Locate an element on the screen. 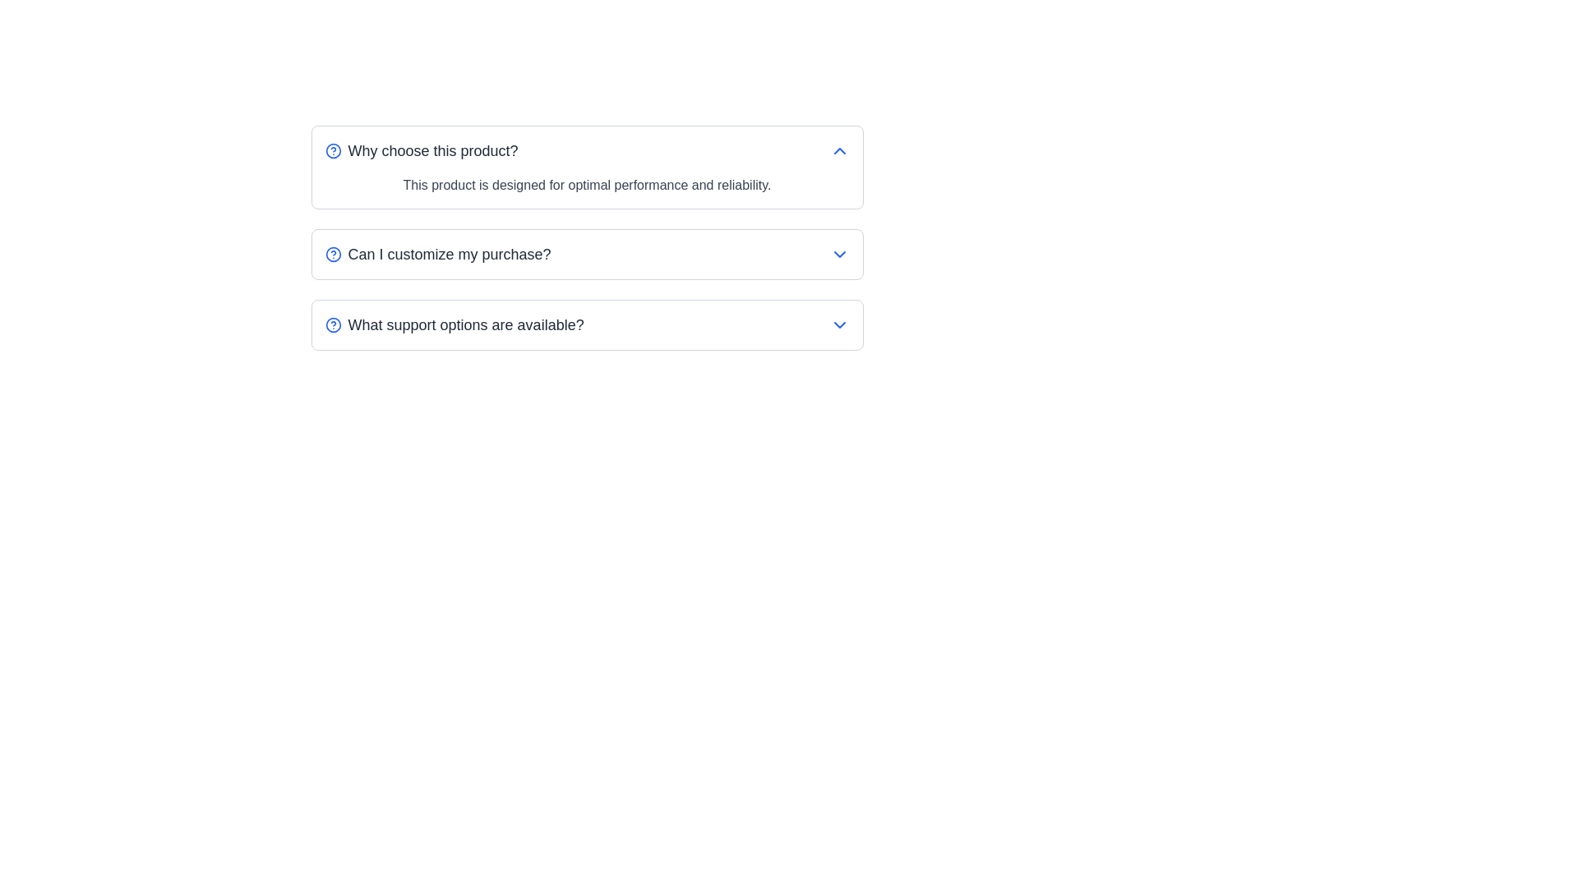  the descriptive text label located in the expanded section of the 'Why choose this product?' dropdown, which provides additional context about the product's advantages is located at coordinates (587, 179).